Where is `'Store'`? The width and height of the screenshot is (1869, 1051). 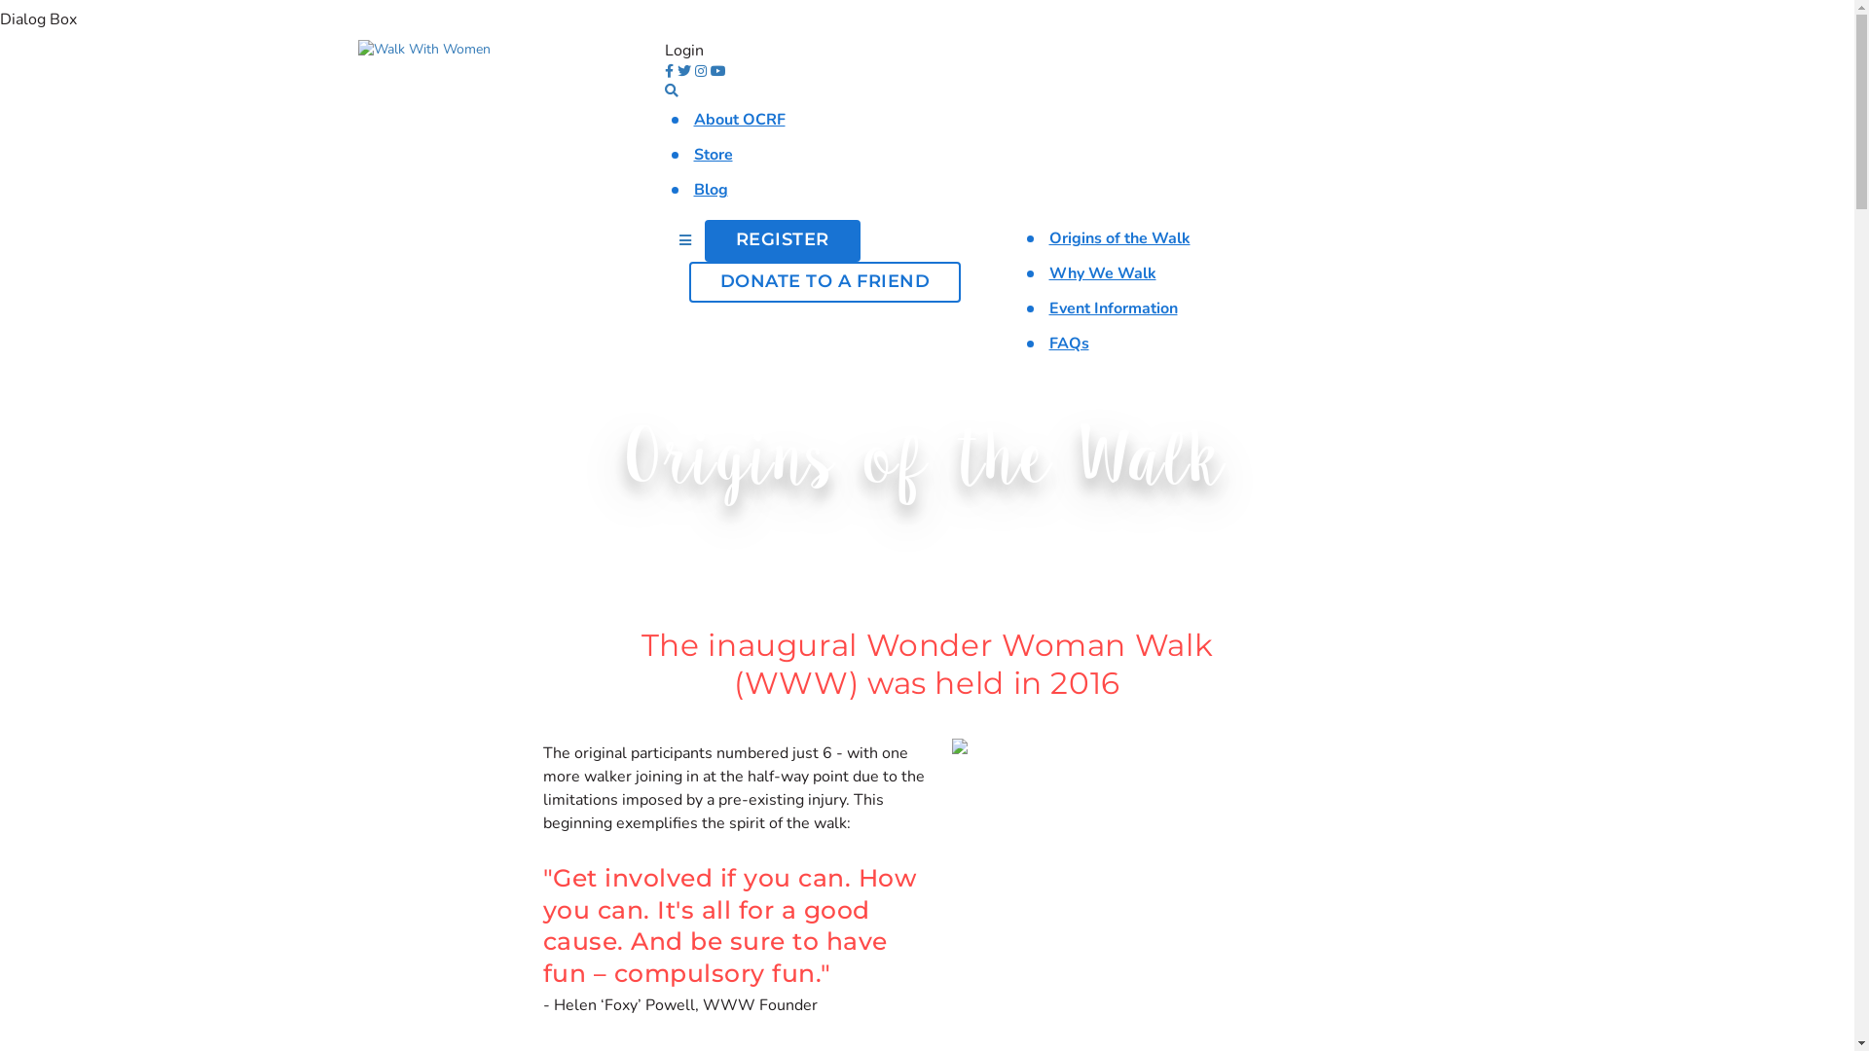 'Store' is located at coordinates (711, 153).